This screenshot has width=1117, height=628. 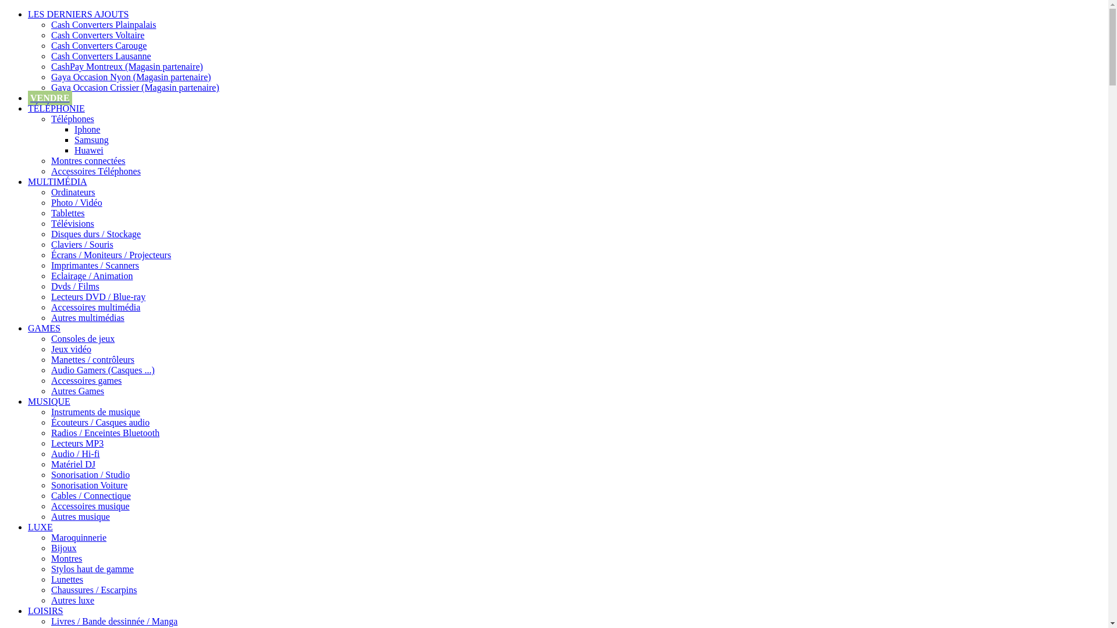 What do you see at coordinates (101, 56) in the screenshot?
I see `'Cash Converters Lausanne'` at bounding box center [101, 56].